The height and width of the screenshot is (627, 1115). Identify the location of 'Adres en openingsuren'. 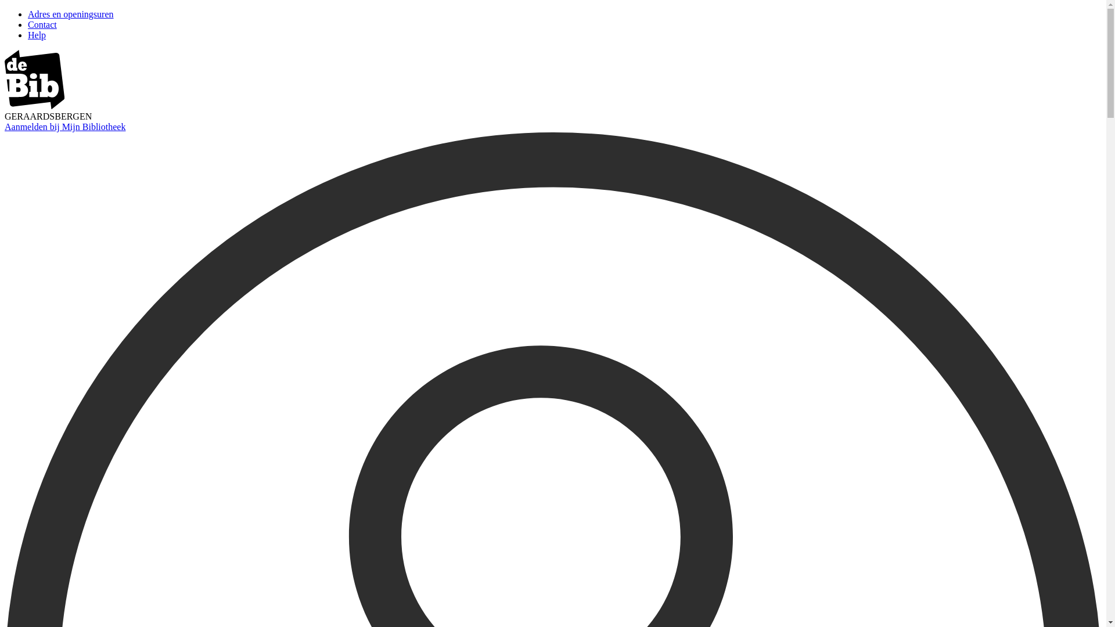
(28, 14).